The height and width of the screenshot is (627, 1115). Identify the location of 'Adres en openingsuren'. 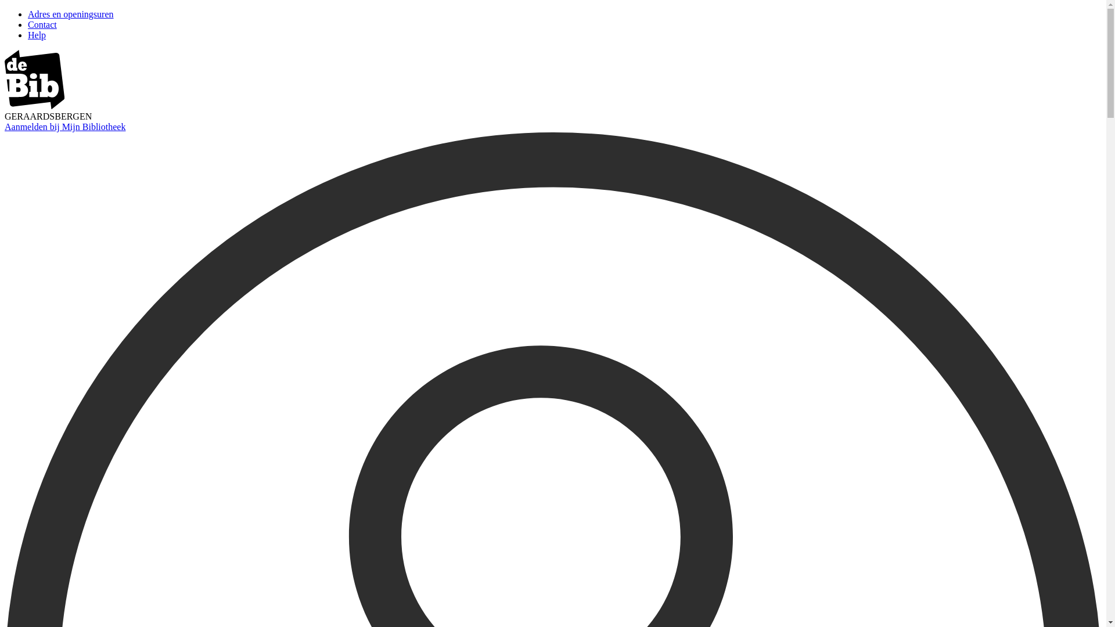
(28, 14).